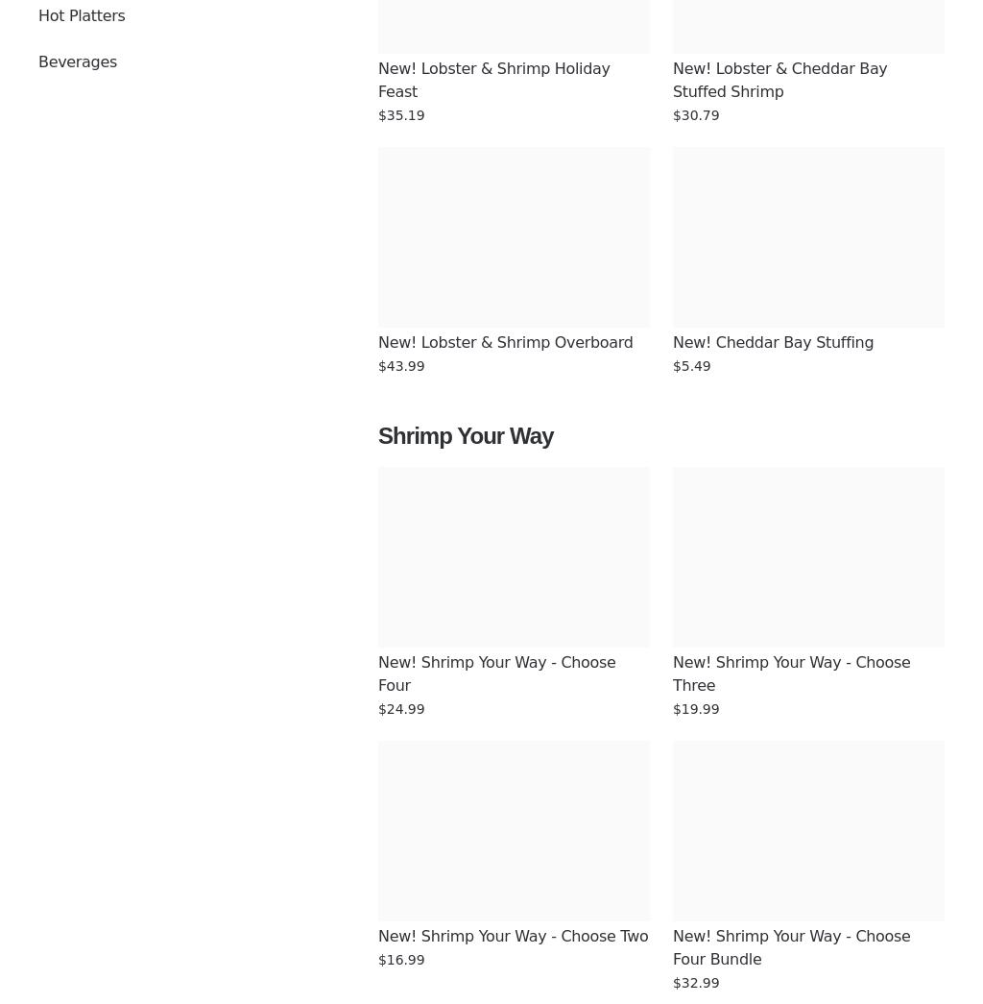 This screenshot has height=1004, width=983. I want to click on 'New! Shrimp Your Way - Choose Three', so click(792, 673).